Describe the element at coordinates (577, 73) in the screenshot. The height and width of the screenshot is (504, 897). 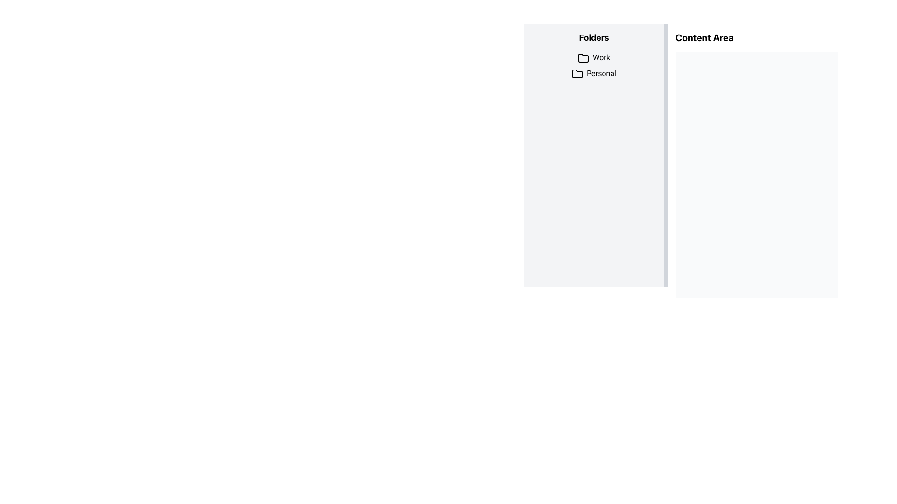
I see `the folder icon labeled 'Personal', which is the second icon in the 'Folders' section, located directly below the 'Work' folder icon` at that location.